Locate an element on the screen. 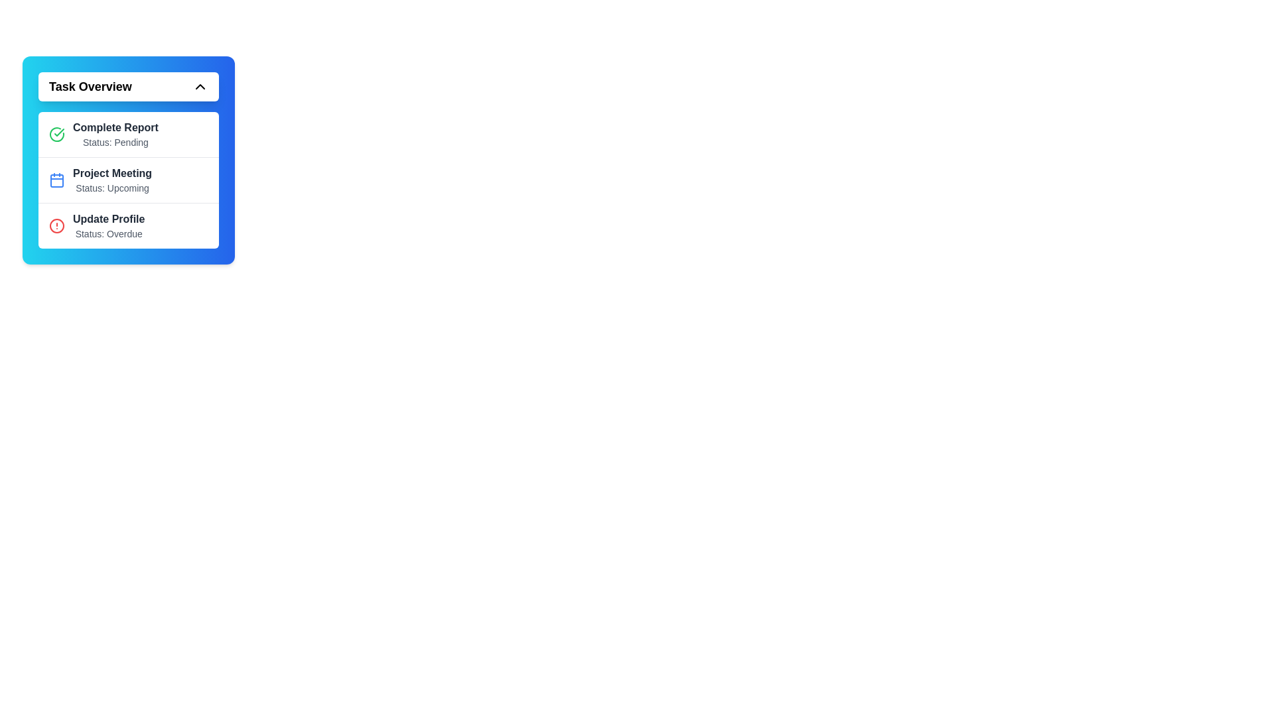 Image resolution: width=1274 pixels, height=716 pixels. the task icon for Complete Report is located at coordinates (56, 135).